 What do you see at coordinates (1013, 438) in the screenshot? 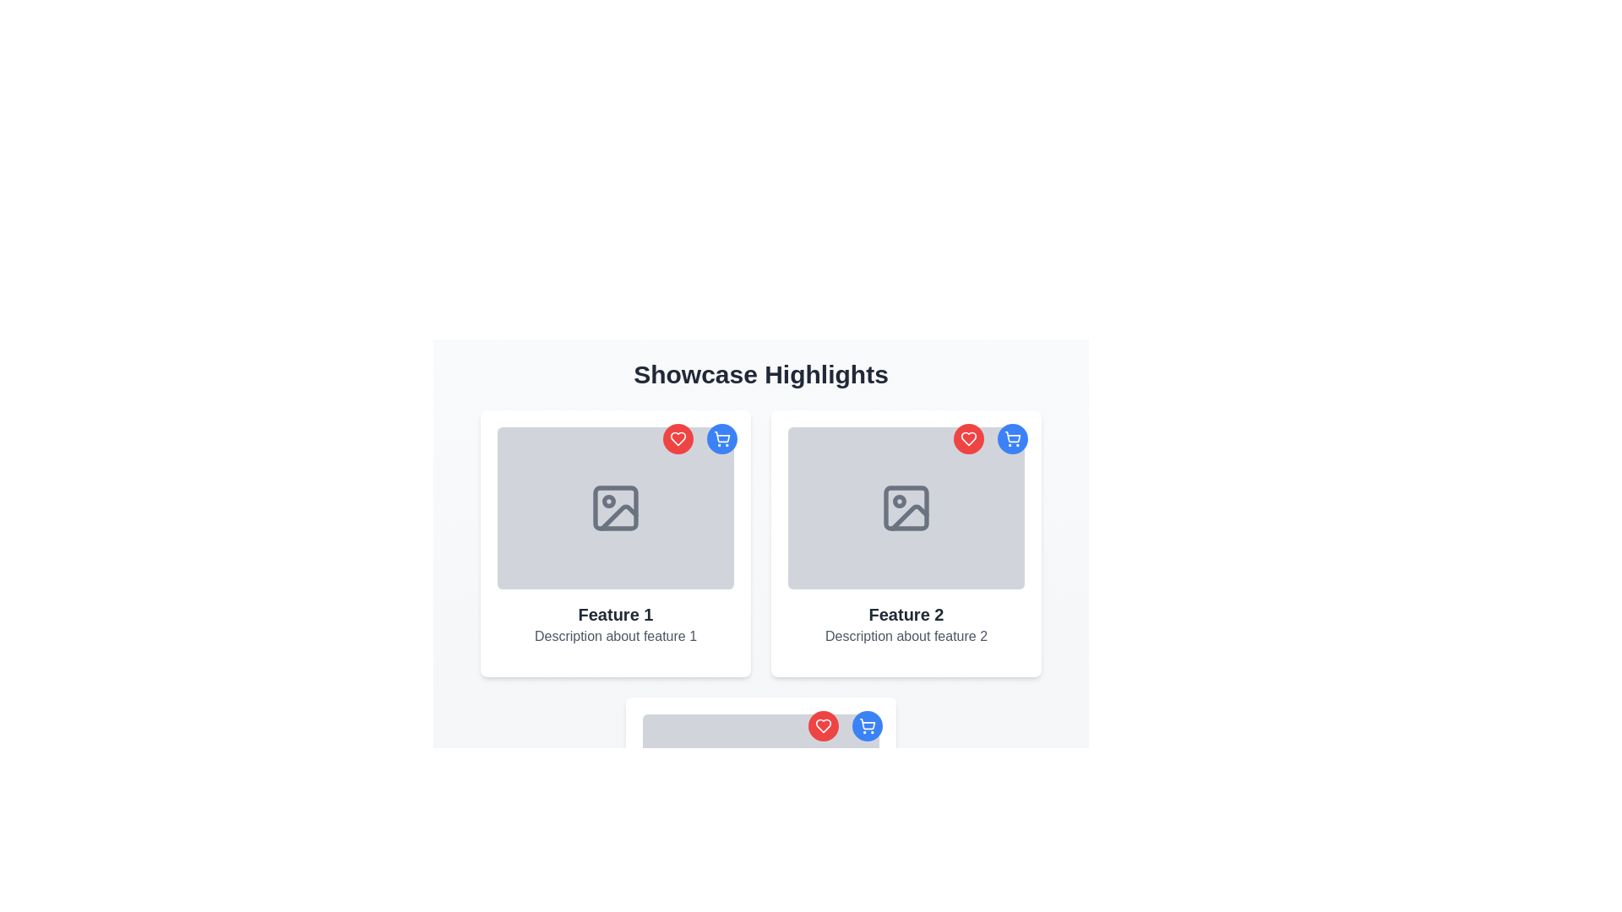
I see `the shopping cart icon button located in the top-right corner of the second card (titled 'Feature 2')` at bounding box center [1013, 438].